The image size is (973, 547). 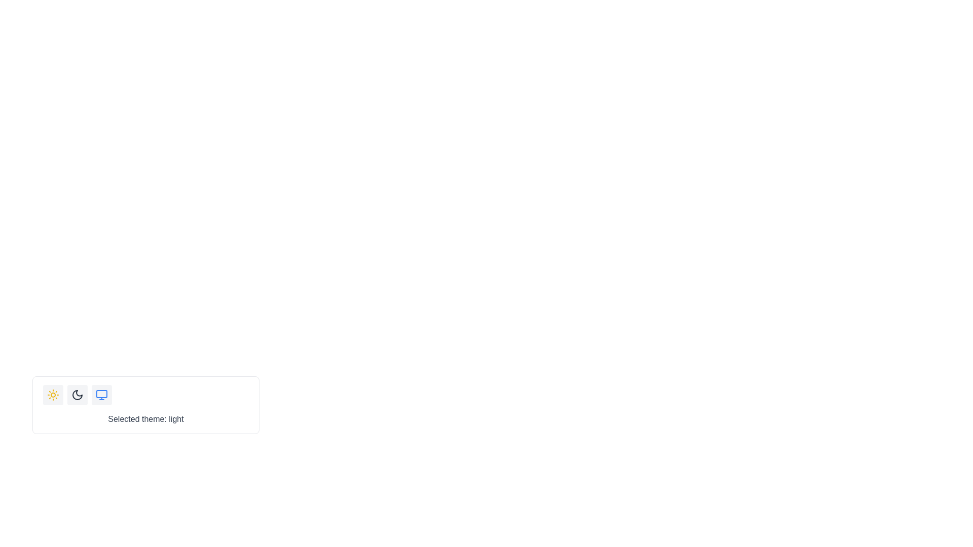 I want to click on the second button in the theme selection group, so click(x=77, y=394).